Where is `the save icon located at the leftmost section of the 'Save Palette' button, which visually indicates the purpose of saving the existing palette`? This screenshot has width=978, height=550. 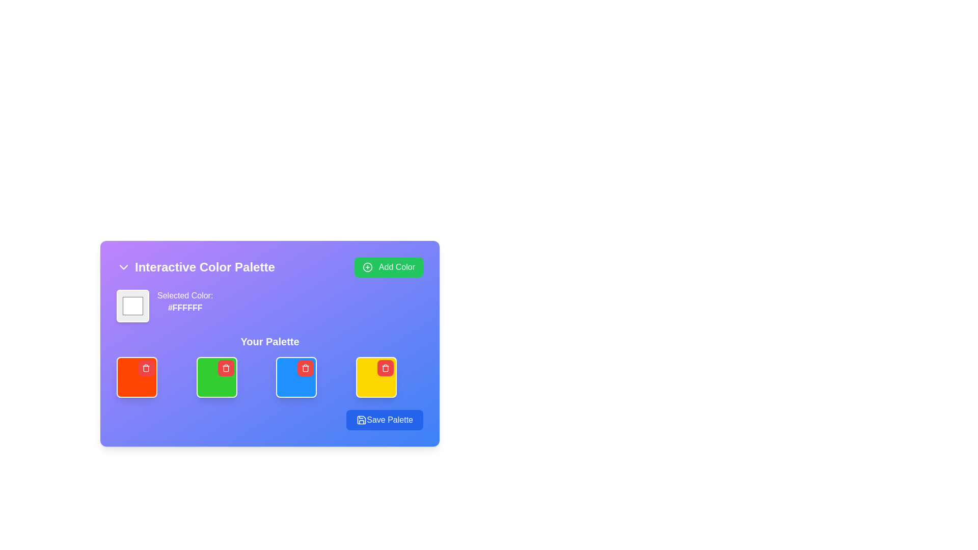 the save icon located at the leftmost section of the 'Save Palette' button, which visually indicates the purpose of saving the existing palette is located at coordinates (362, 420).